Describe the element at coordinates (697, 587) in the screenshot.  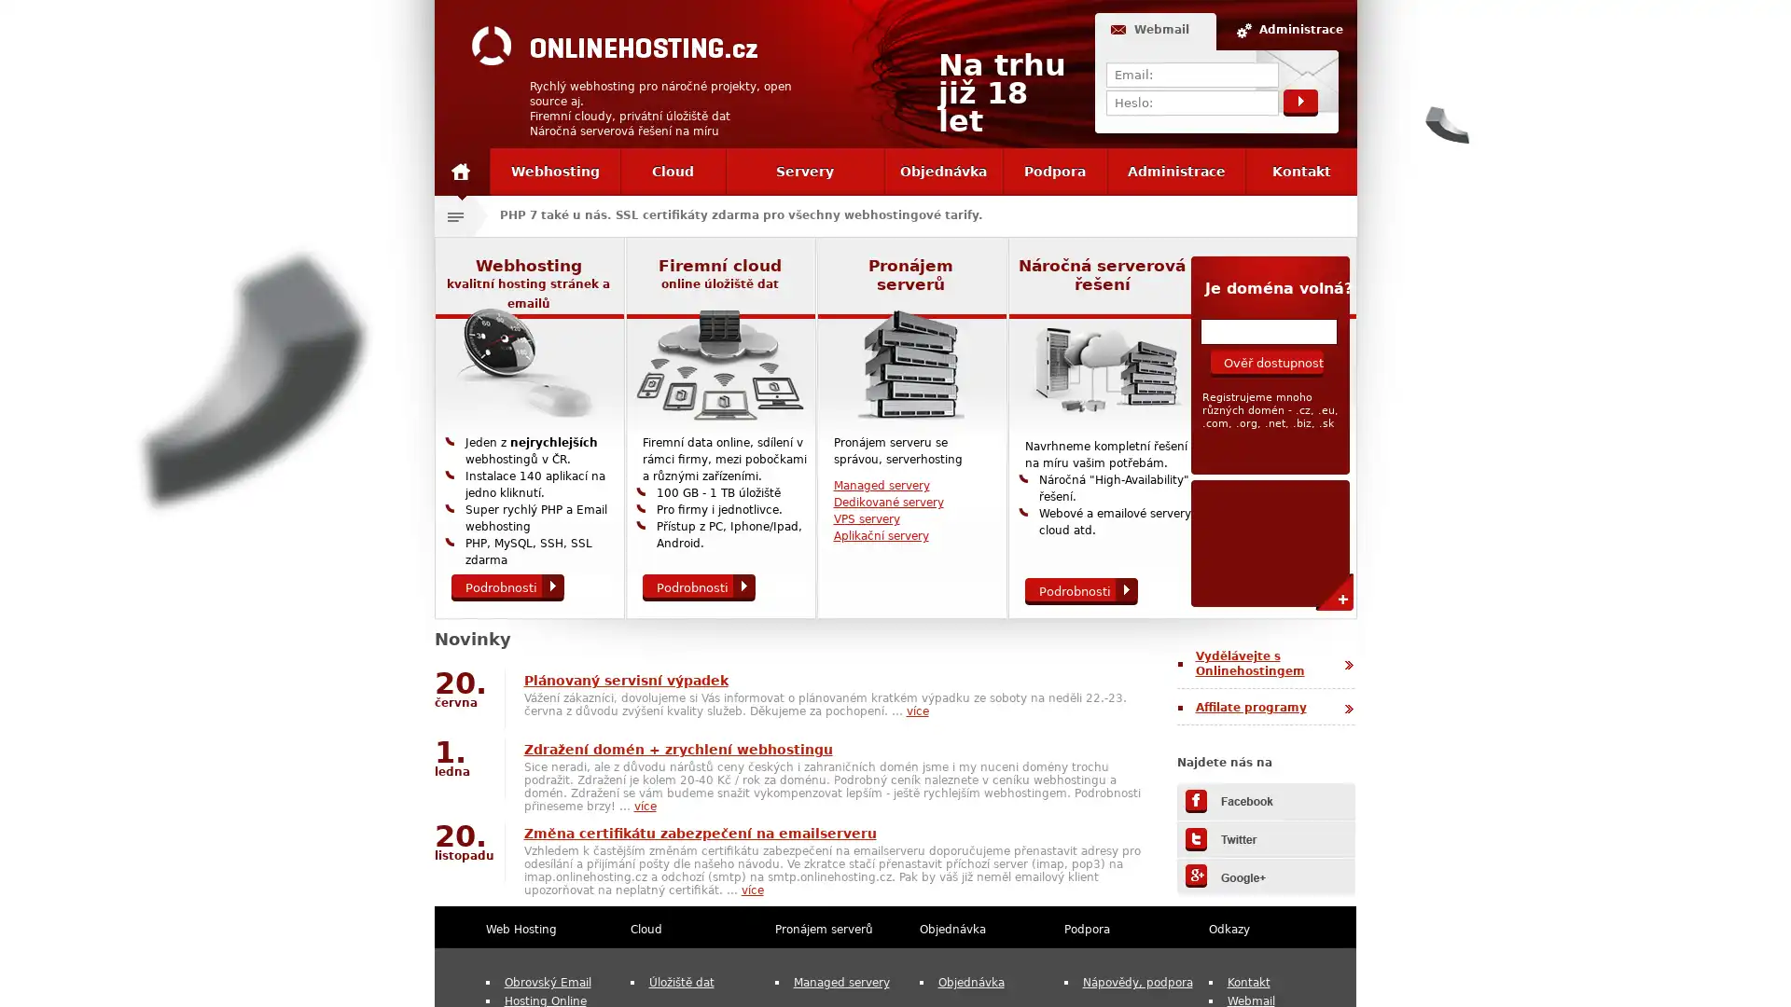
I see `Podrobnosti` at that location.